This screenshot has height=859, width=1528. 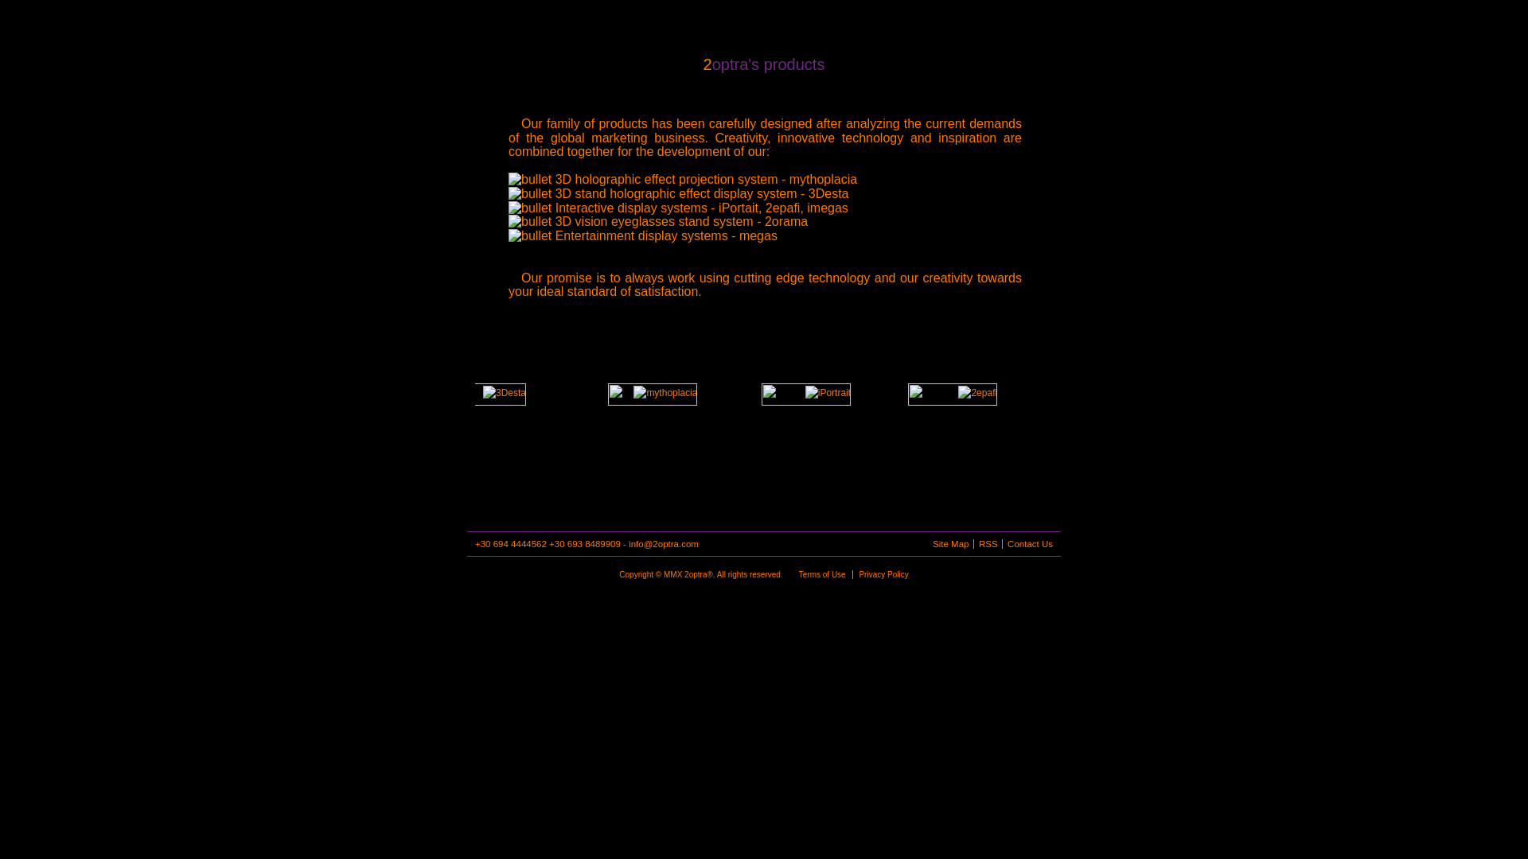 What do you see at coordinates (838, 21) in the screenshot?
I see `'news'` at bounding box center [838, 21].